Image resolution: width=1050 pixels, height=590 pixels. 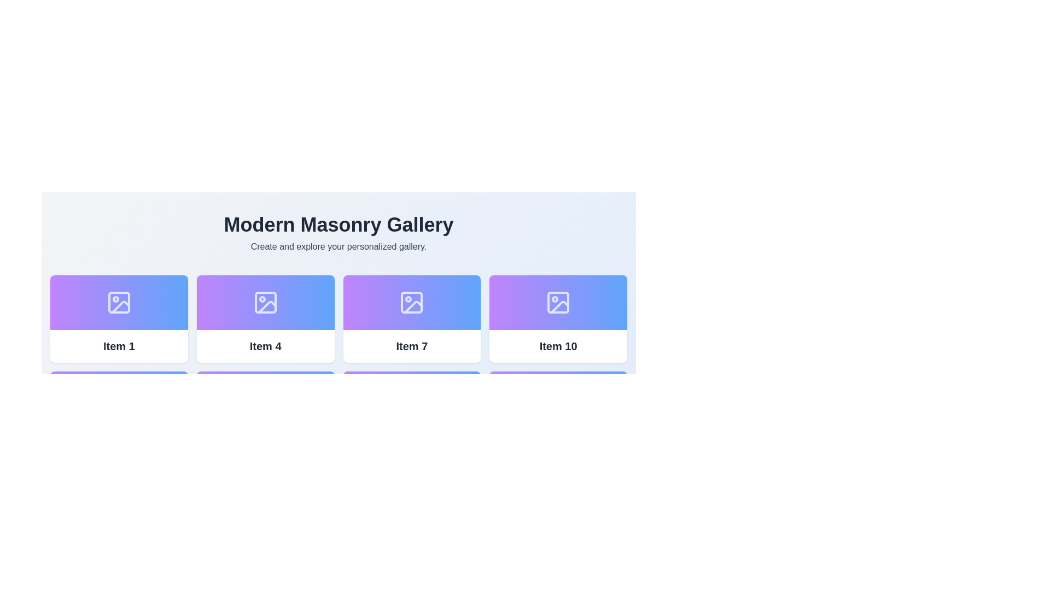 I want to click on the bold heading text displaying 'Modern Masonry Gallery', which is centrally aligned and positioned above a grid of gallery items, so click(x=338, y=225).